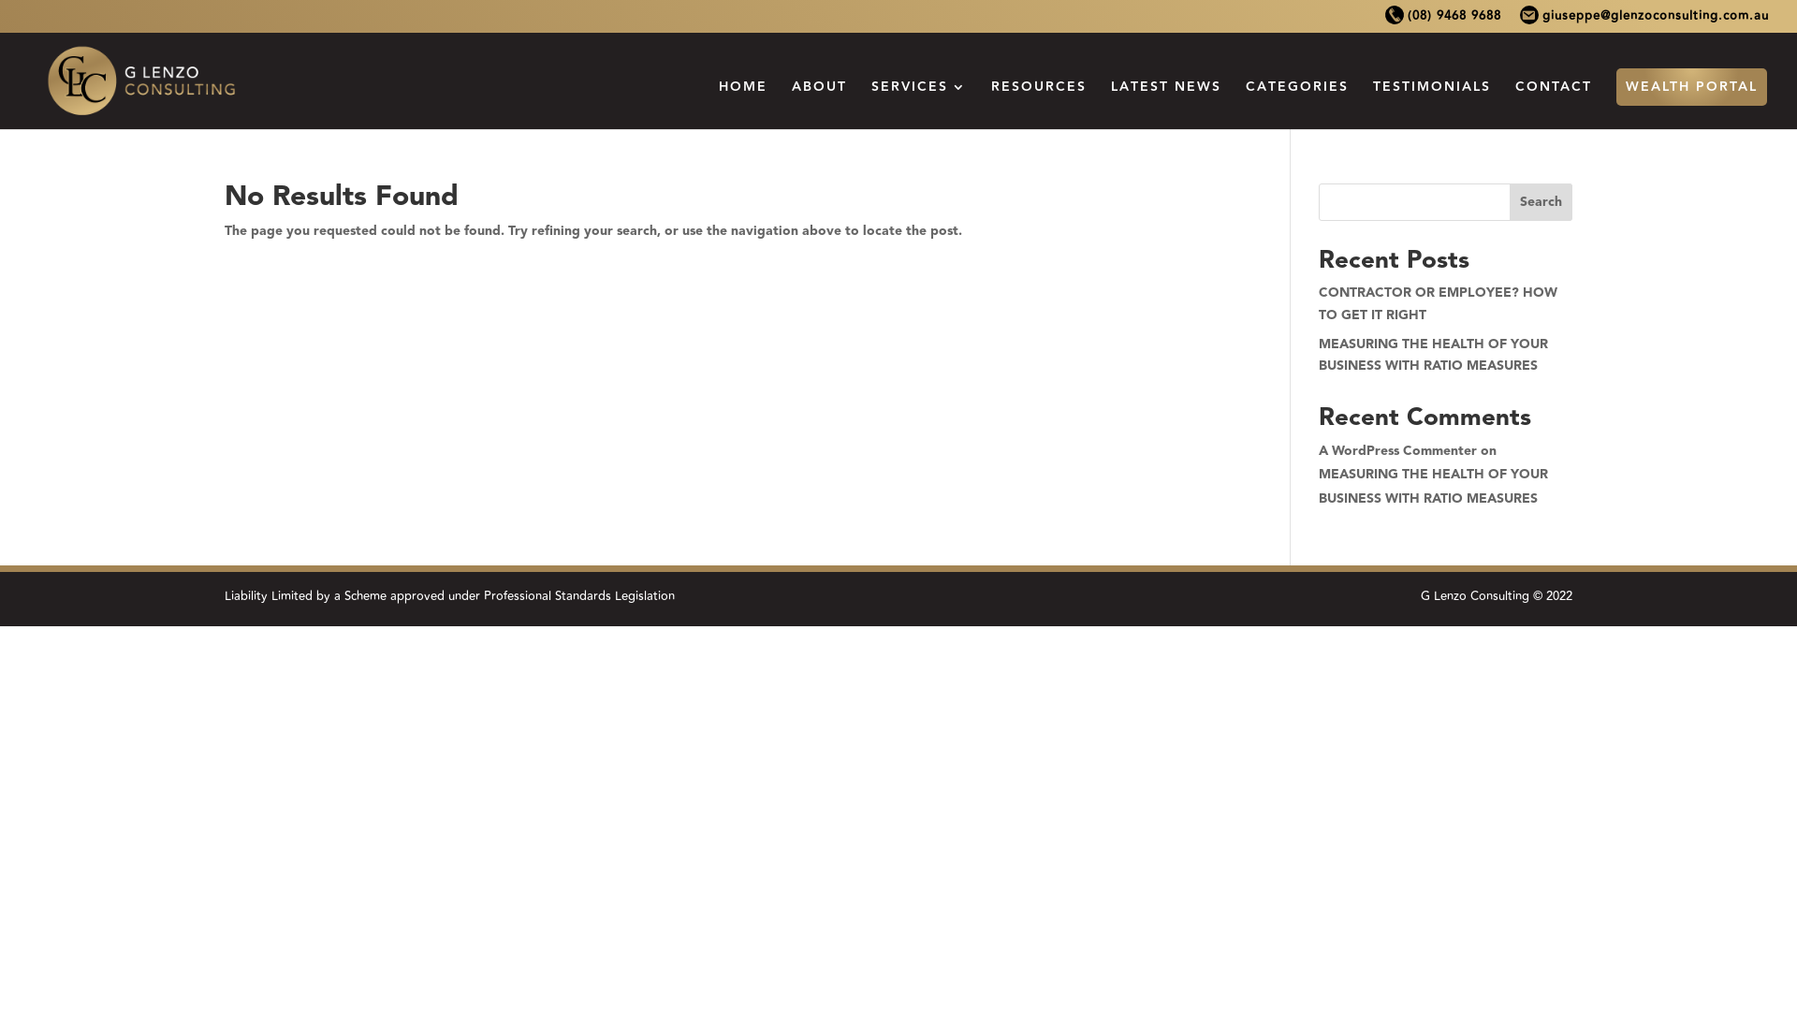 The width and height of the screenshot is (1797, 1011). I want to click on 'CONTACT', so click(1554, 104).